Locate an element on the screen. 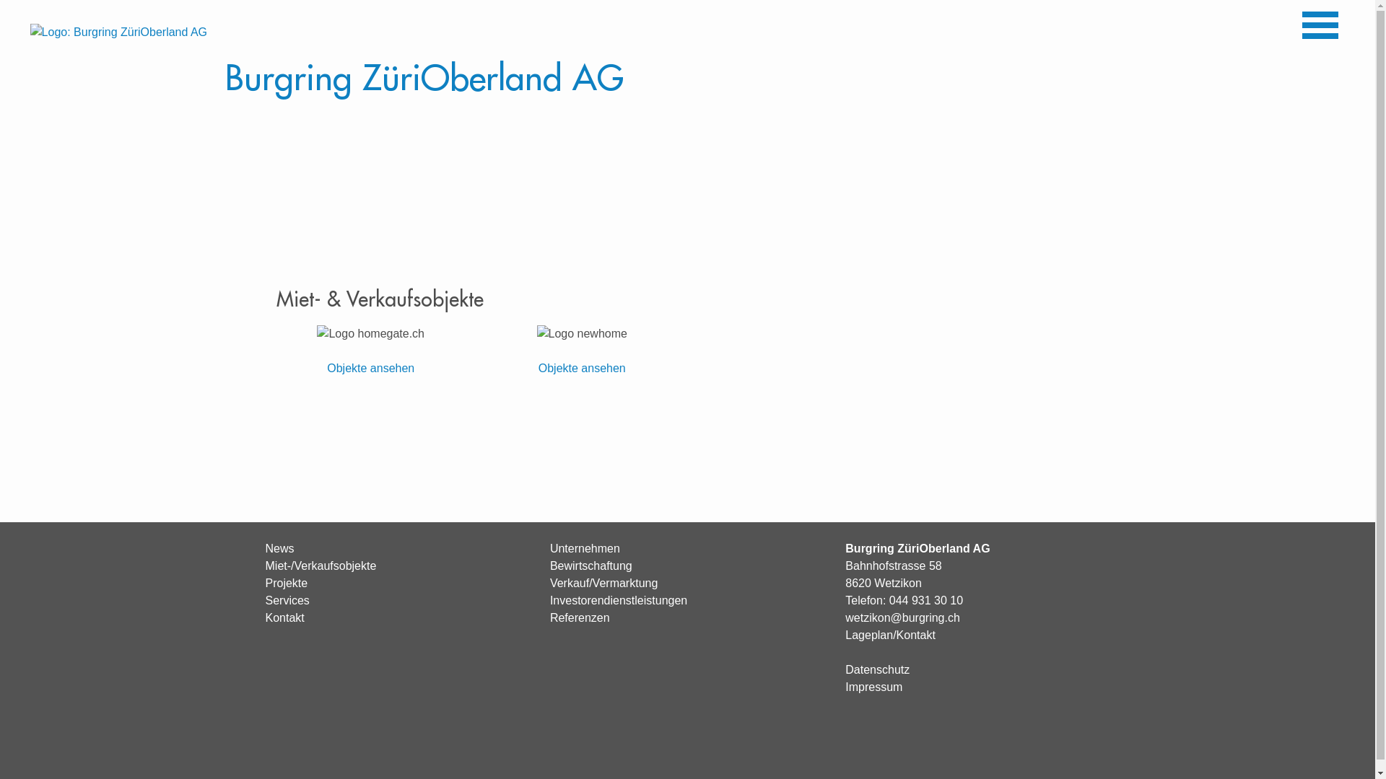  'Projekte' is located at coordinates (287, 582).